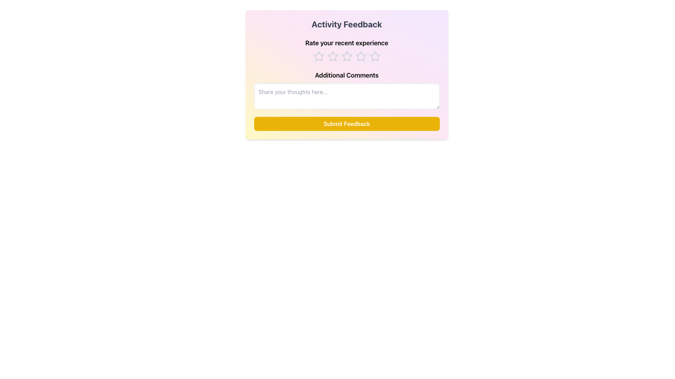 The width and height of the screenshot is (675, 379). What do you see at coordinates (318, 55) in the screenshot?
I see `the first star-shaped icon in the rating section of the feedback form` at bounding box center [318, 55].